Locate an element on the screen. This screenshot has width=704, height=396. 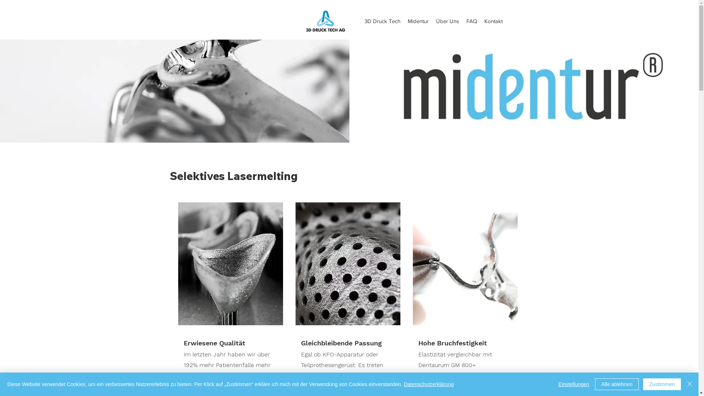
'Zustimmen' is located at coordinates (662, 384).